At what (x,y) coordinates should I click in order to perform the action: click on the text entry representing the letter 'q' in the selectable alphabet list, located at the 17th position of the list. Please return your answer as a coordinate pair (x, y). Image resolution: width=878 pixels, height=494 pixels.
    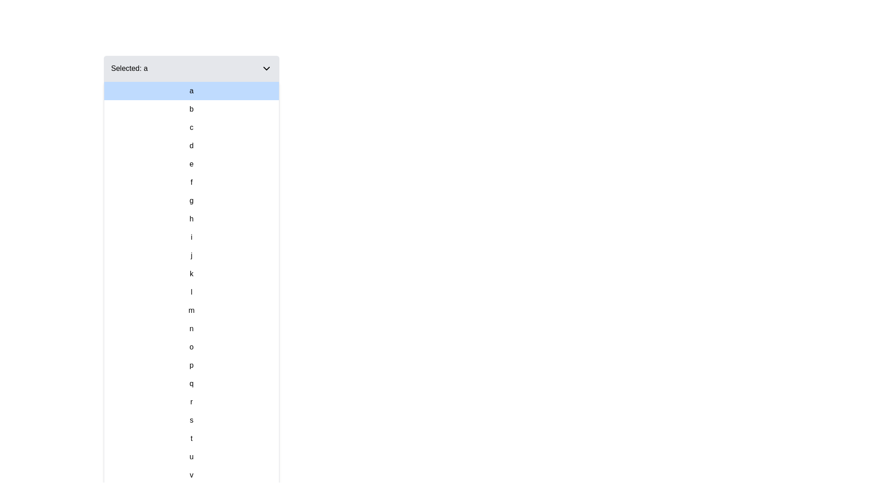
    Looking at the image, I should click on (191, 384).